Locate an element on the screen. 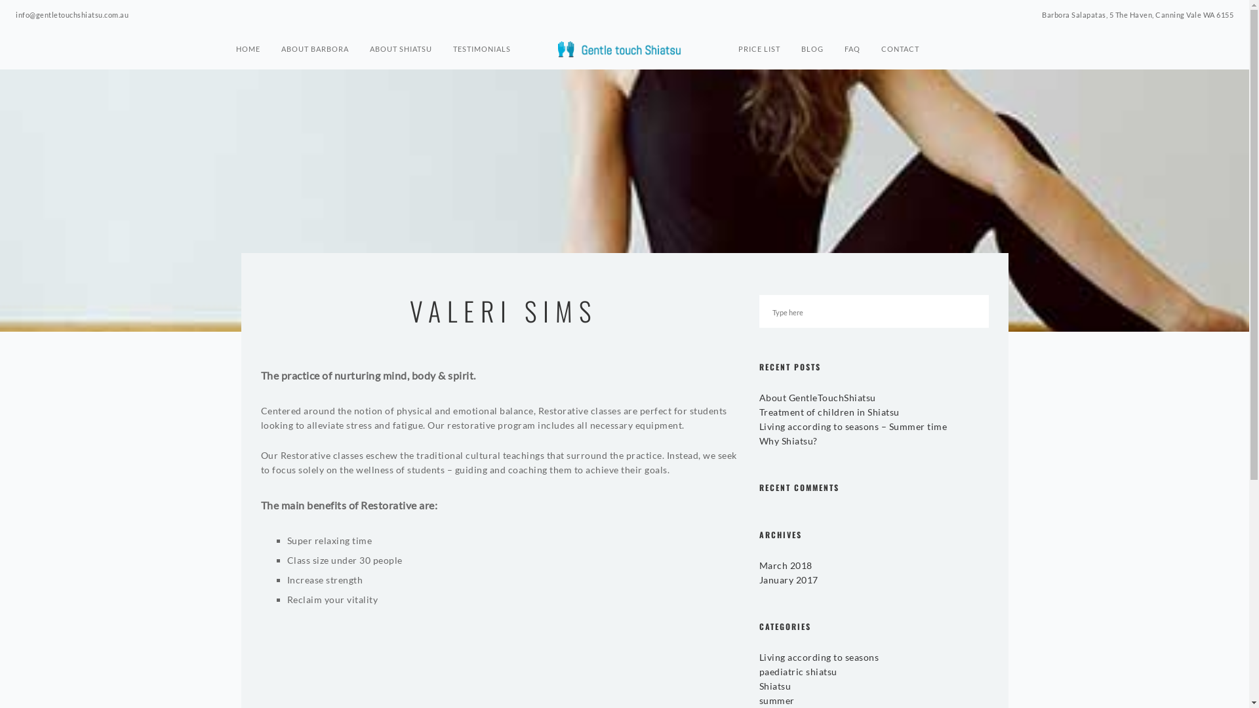  'paediatric shiatsu' is located at coordinates (759, 671).